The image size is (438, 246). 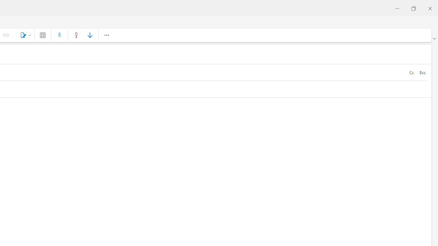 What do you see at coordinates (434, 39) in the screenshot?
I see `'Ribbon display options'` at bounding box center [434, 39].